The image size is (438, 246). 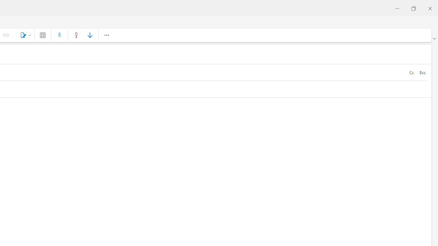 What do you see at coordinates (434, 39) in the screenshot?
I see `'Ribbon display options'` at bounding box center [434, 39].